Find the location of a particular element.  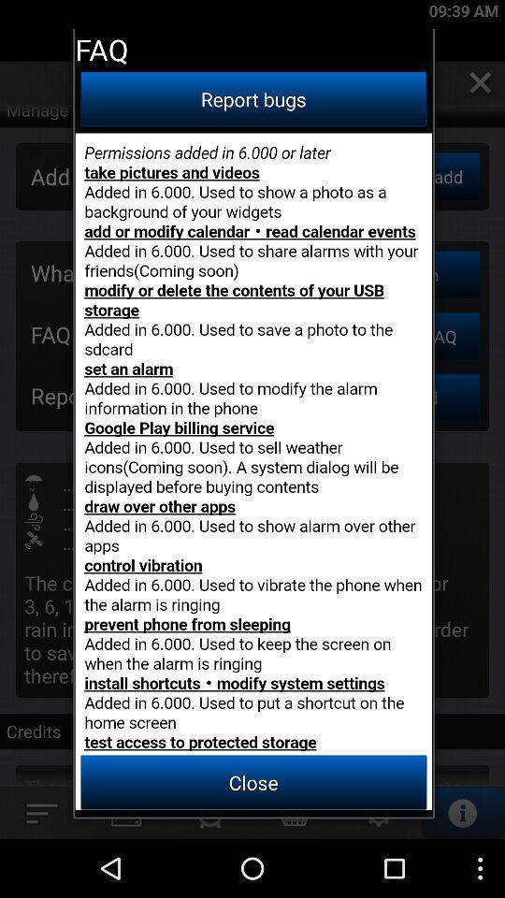

faq window is located at coordinates (252, 471).